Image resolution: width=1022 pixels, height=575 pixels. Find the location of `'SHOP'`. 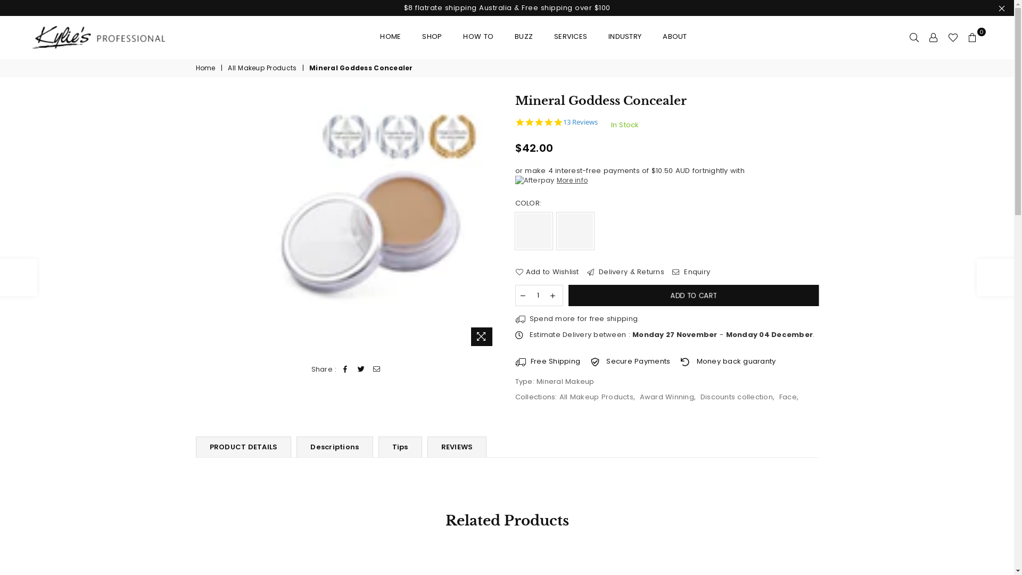

'SHOP' is located at coordinates (432, 36).